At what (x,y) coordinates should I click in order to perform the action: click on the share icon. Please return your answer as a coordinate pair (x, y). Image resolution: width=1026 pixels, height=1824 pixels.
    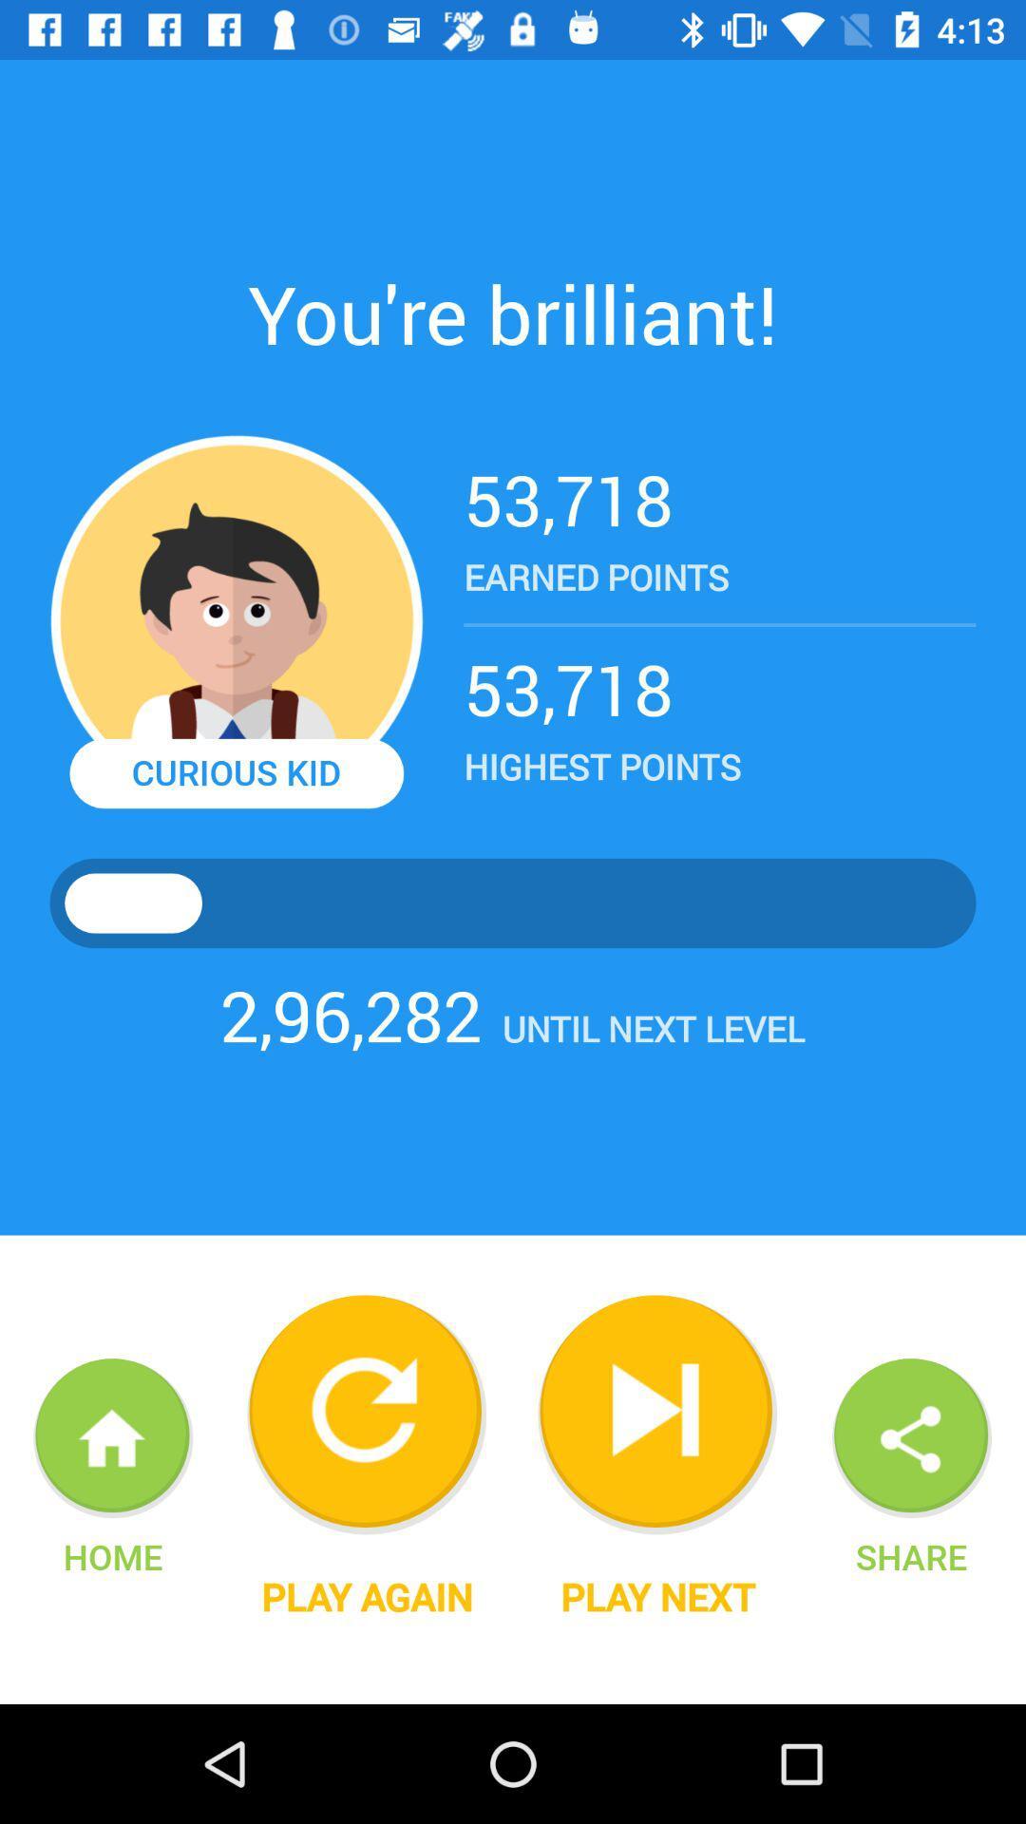
    Looking at the image, I should click on (911, 1438).